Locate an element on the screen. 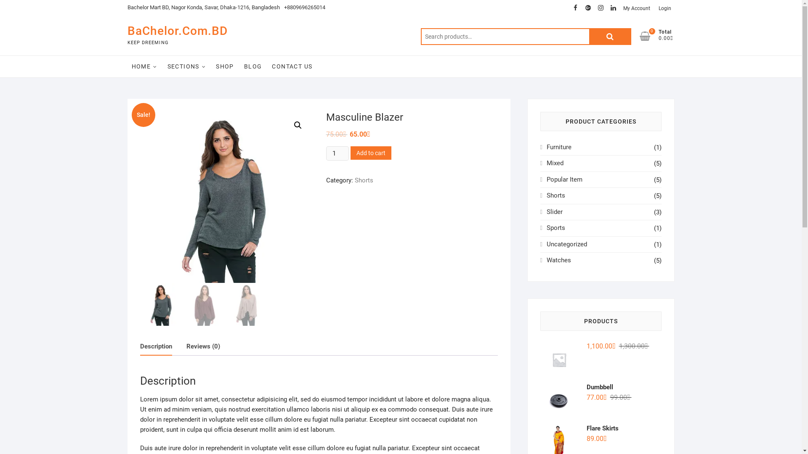  'Dumbbell' is located at coordinates (600, 387).